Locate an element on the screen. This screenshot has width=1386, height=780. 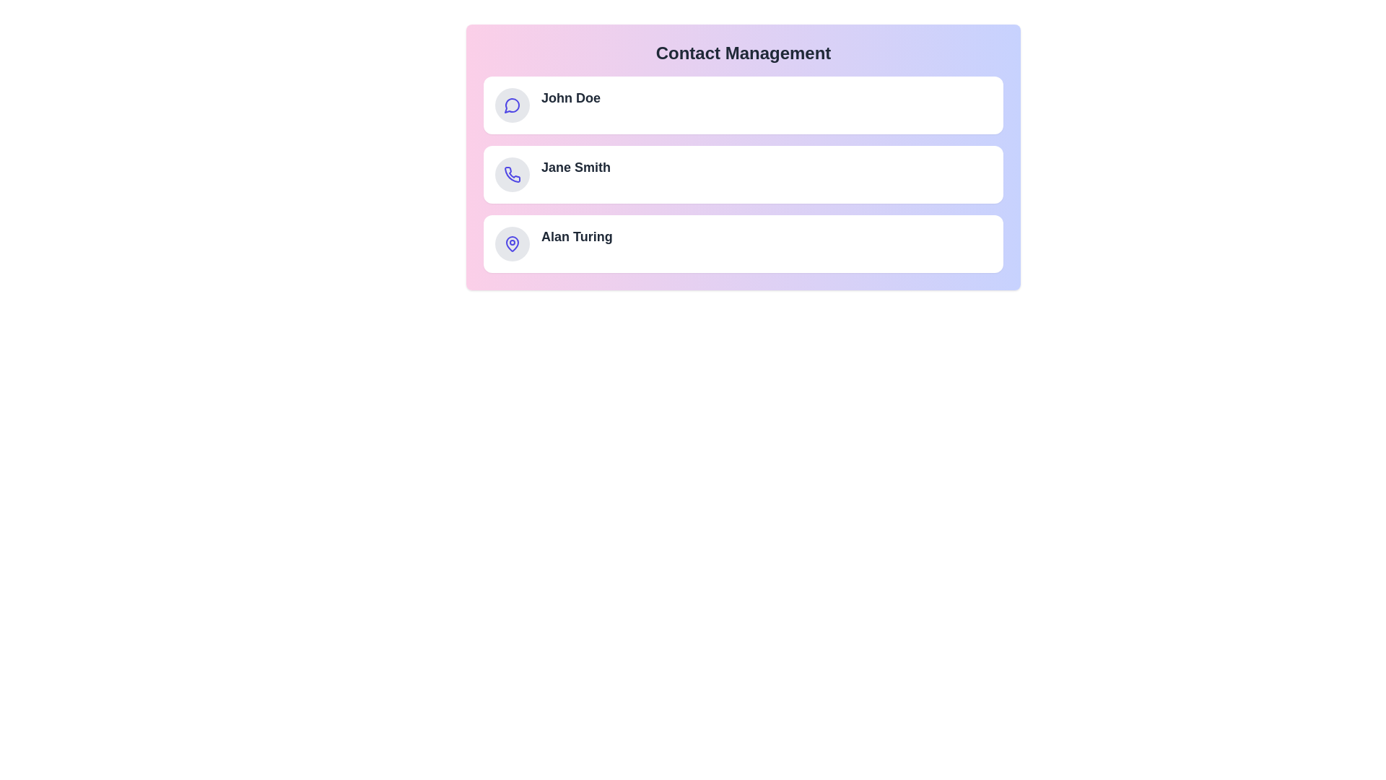
the icon of the contact Alan Turing is located at coordinates (513, 243).